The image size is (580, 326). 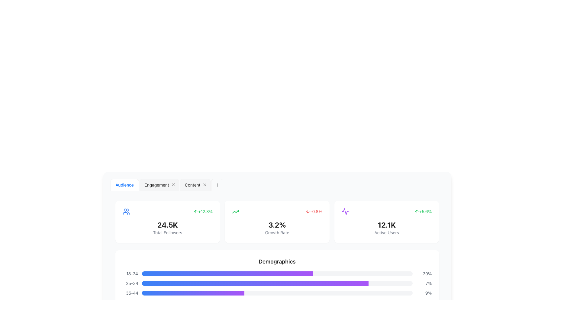 What do you see at coordinates (277, 293) in the screenshot?
I see `the progress bar that visually represents a percentage value, specifically positioned between the labels '35-44' on the left and '9%' on the right` at bounding box center [277, 293].